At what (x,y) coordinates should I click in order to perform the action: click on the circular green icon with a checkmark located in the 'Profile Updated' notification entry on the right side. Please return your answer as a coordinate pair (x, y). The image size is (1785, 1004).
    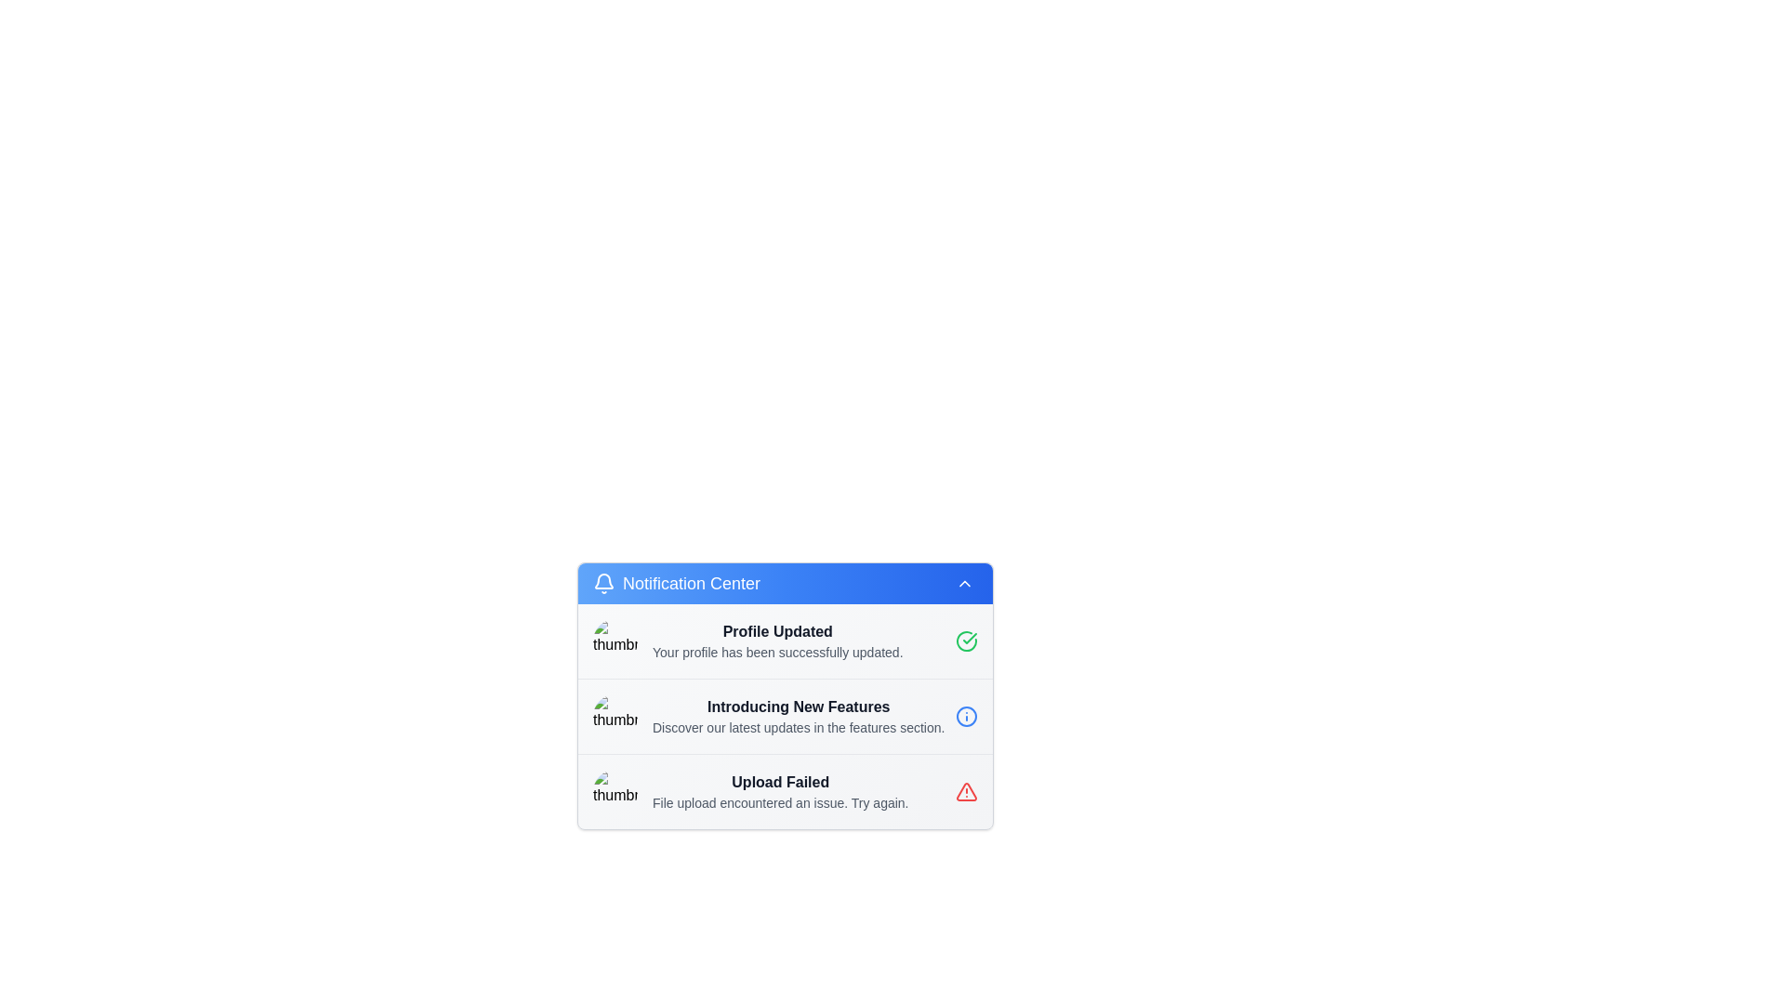
    Looking at the image, I should click on (967, 641).